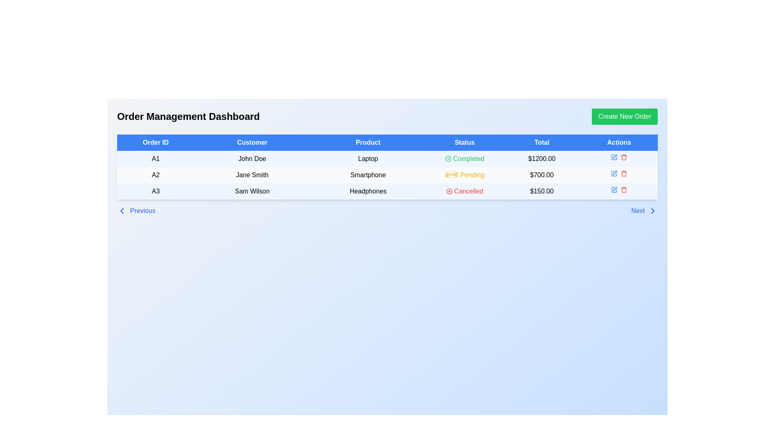  Describe the element at coordinates (652, 211) in the screenshot. I see `the chevron icon located at the bottom right corner of the user interface` at that location.